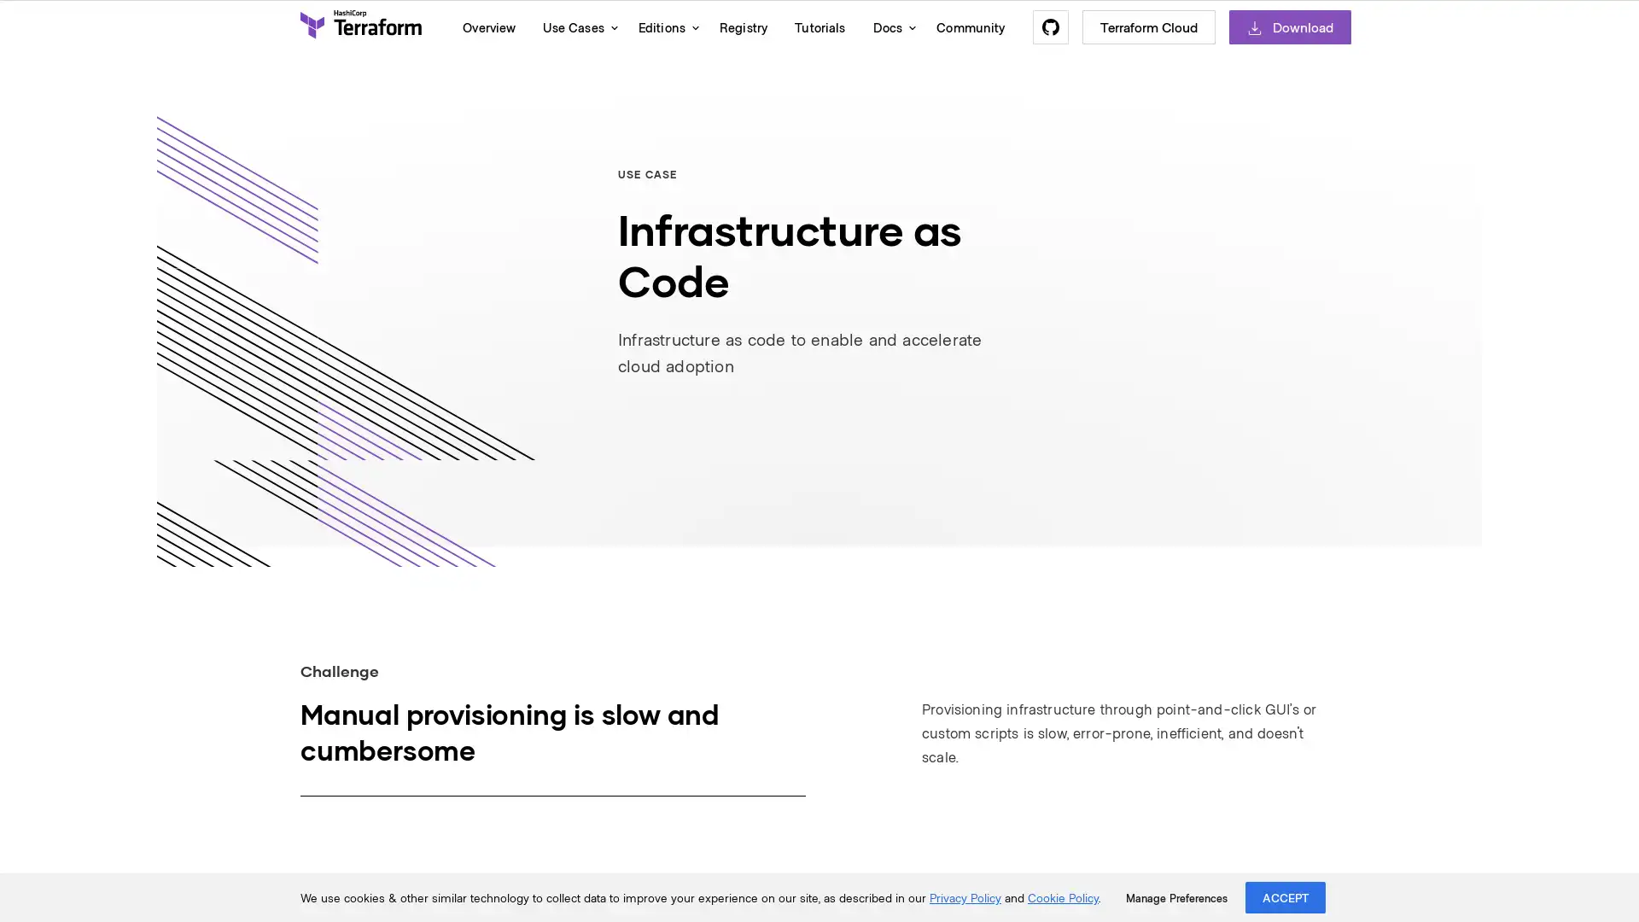  I want to click on Docs, so click(889, 26).